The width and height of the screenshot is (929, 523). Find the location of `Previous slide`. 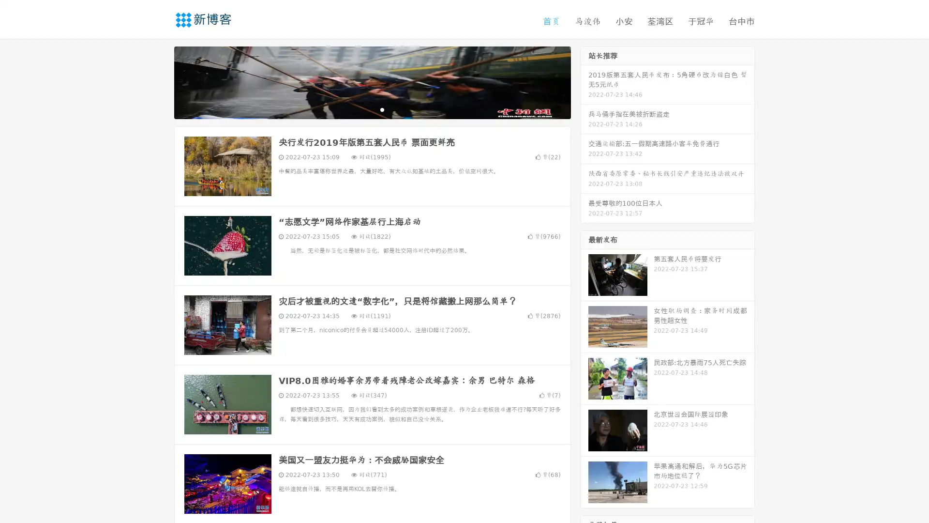

Previous slide is located at coordinates (160, 81).